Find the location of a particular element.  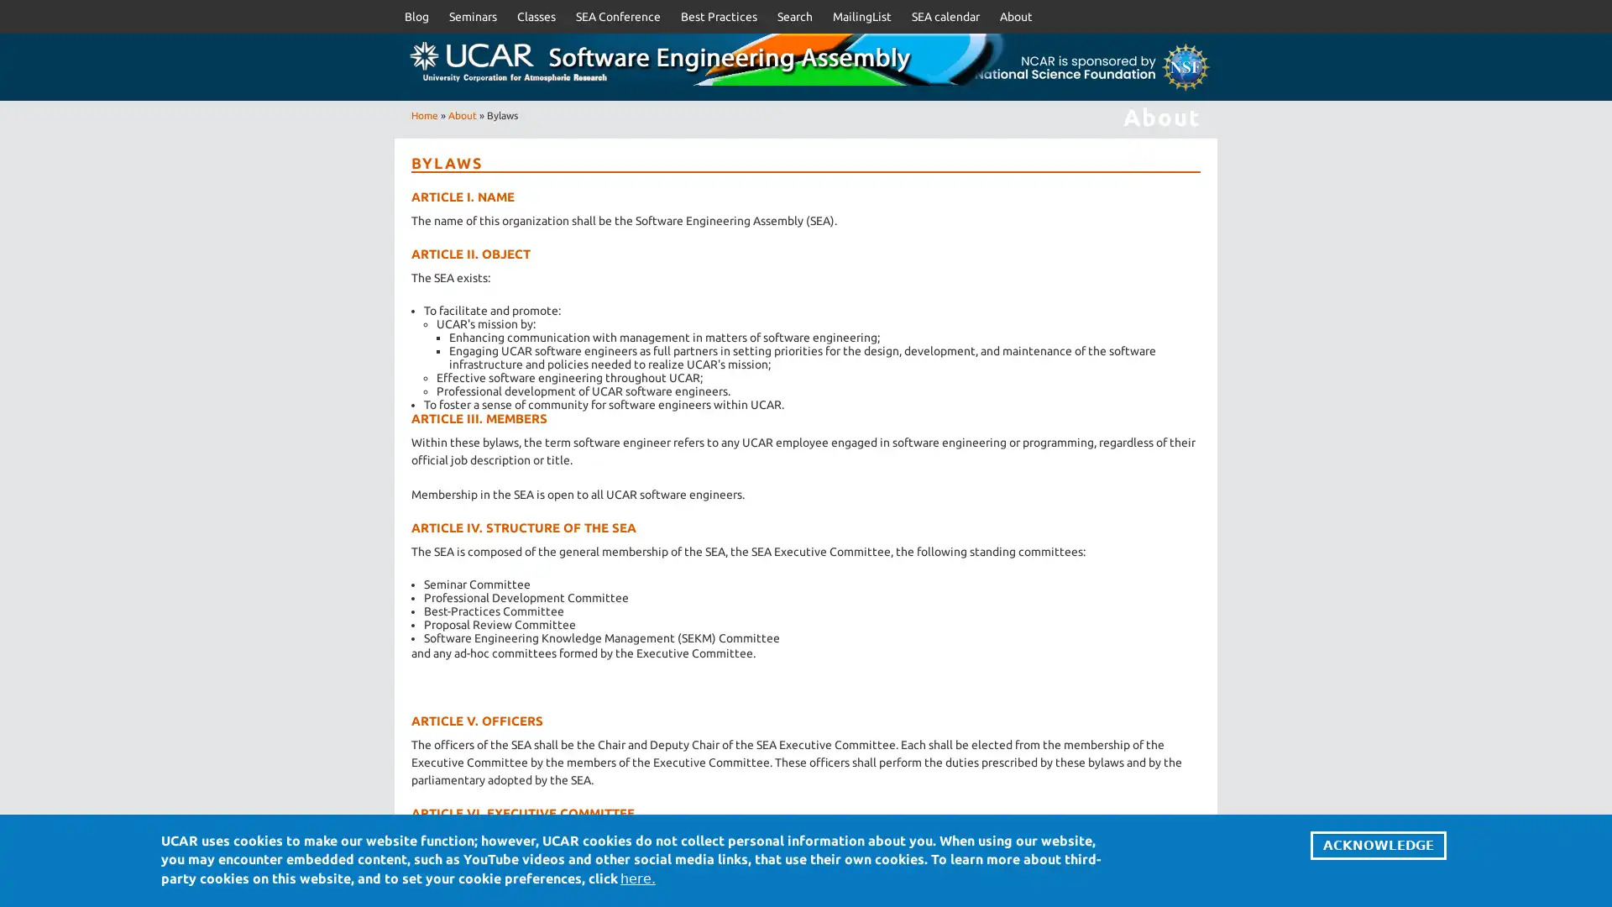

here. is located at coordinates (636, 877).